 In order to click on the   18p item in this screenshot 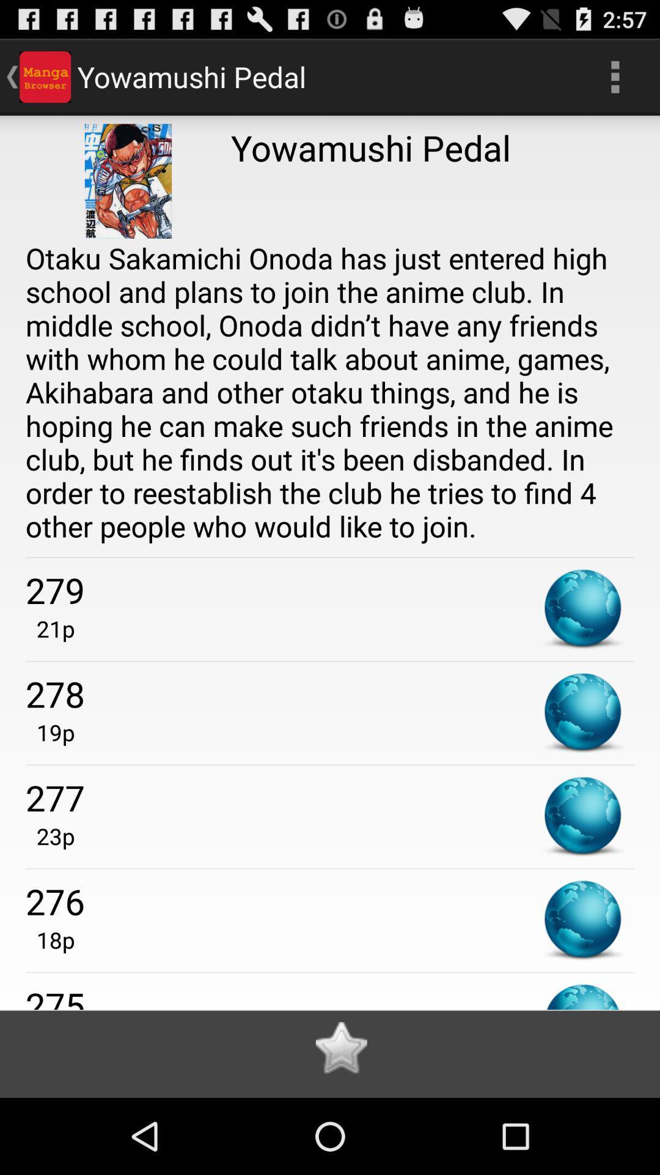, I will do `click(50, 939)`.